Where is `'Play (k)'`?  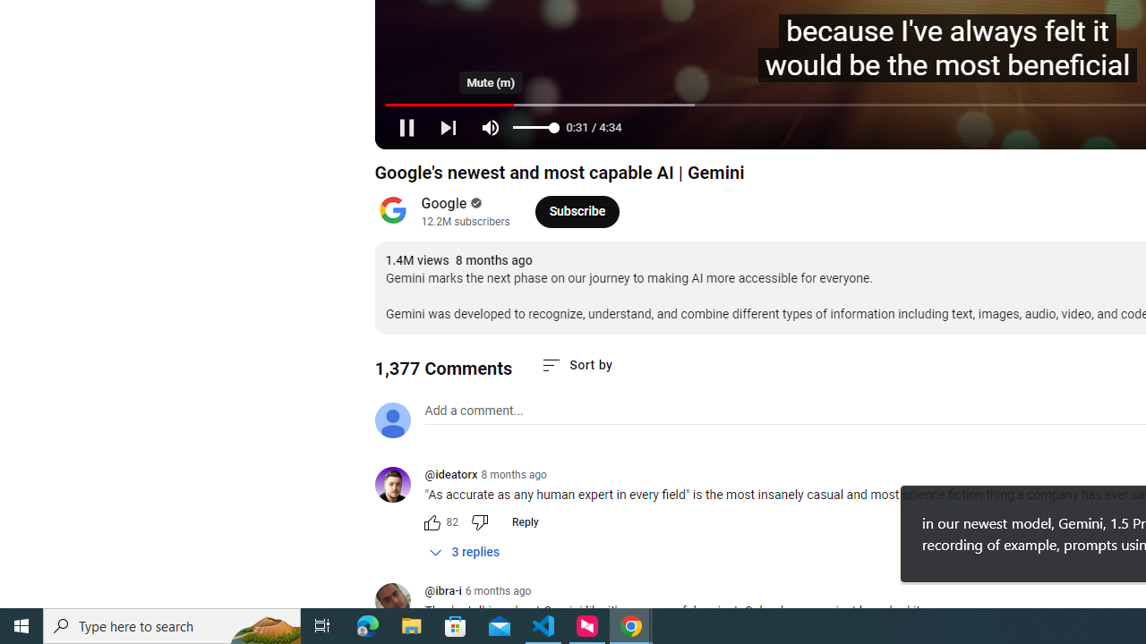 'Play (k)' is located at coordinates (405, 126).